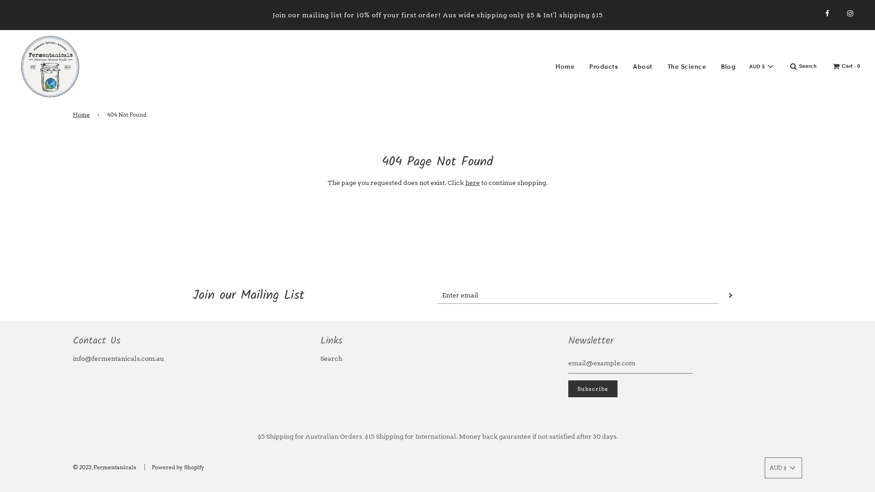 This screenshot has height=492, width=875. Describe the element at coordinates (564, 66) in the screenshot. I see `'Home'` at that location.